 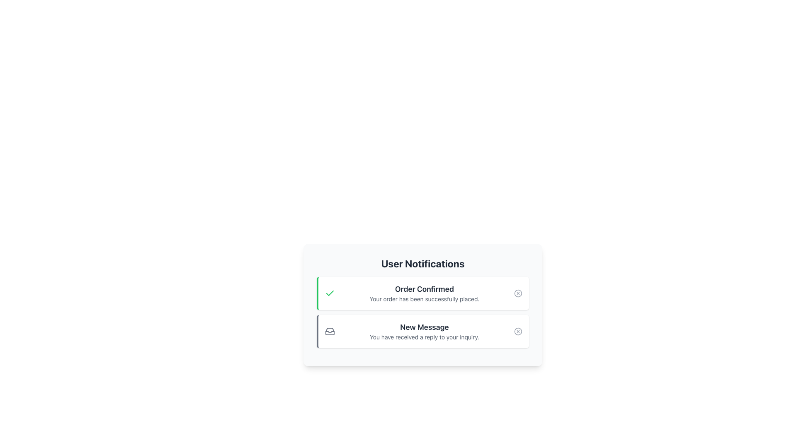 I want to click on success message displayed in the text label stating 'Your order has been successfully placed.' which is located below the bold header 'Order Confirmed', so click(x=424, y=299).